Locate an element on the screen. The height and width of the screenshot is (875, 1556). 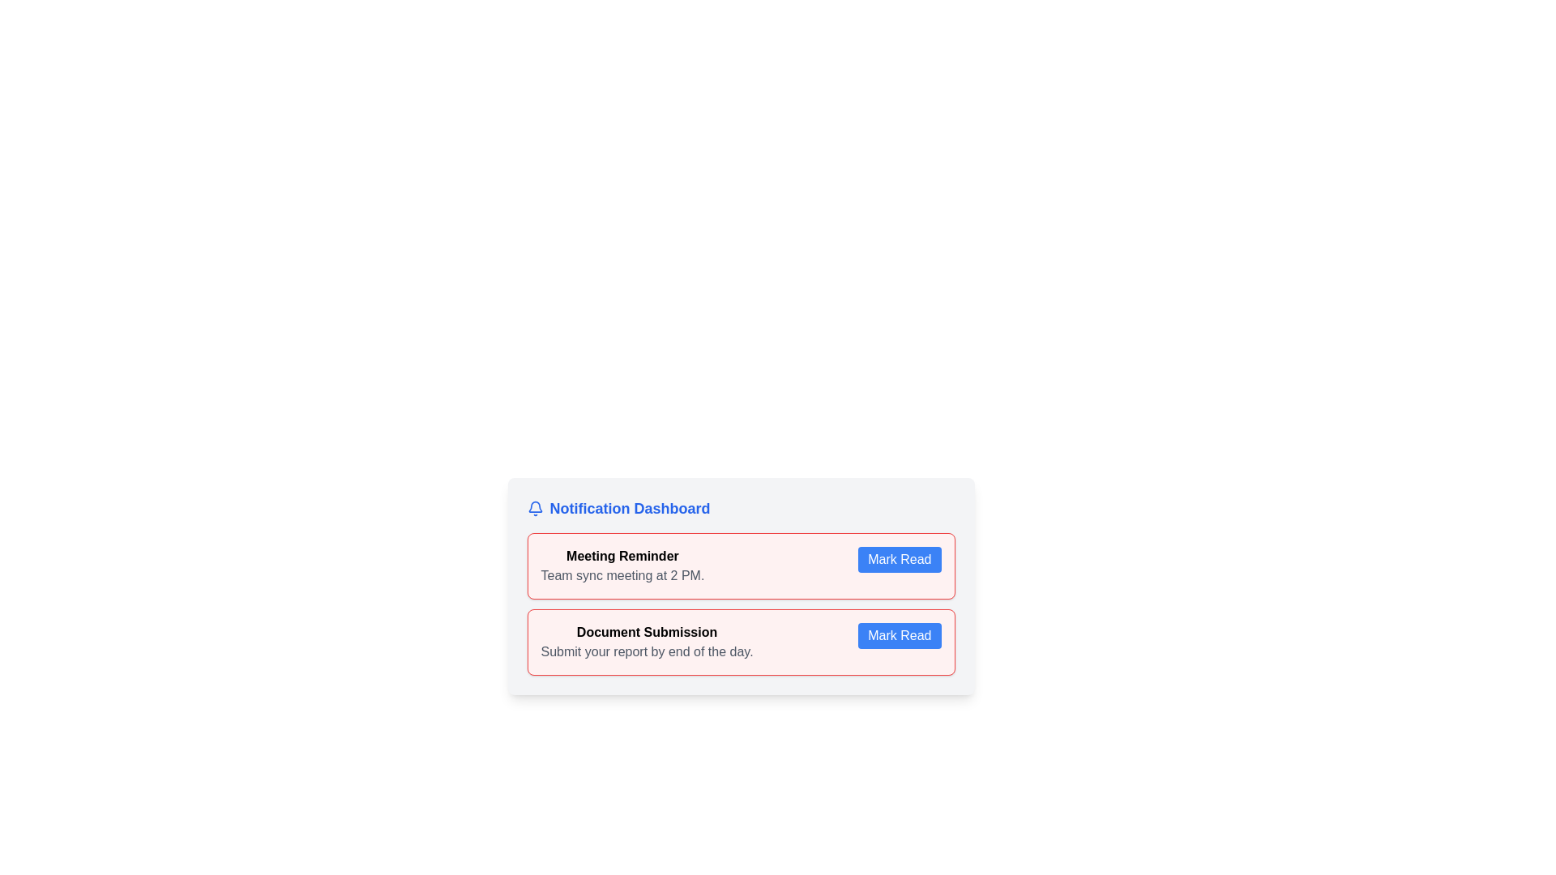
the 'Notification Dashboard' text label, which is styled in bold, large blue font and positioned next to a bell icon in the notification section is located at coordinates (629, 508).